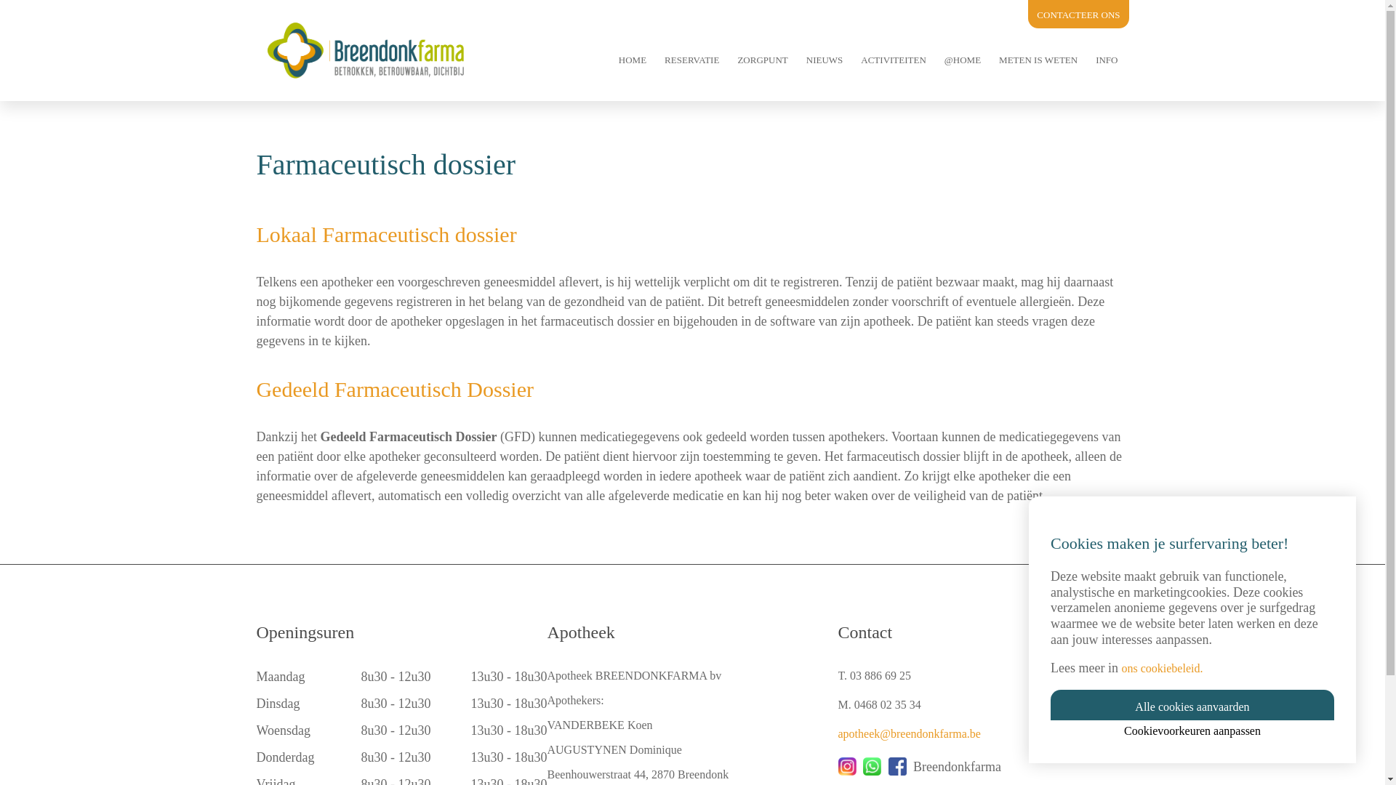  What do you see at coordinates (1105, 58) in the screenshot?
I see `'INFO'` at bounding box center [1105, 58].